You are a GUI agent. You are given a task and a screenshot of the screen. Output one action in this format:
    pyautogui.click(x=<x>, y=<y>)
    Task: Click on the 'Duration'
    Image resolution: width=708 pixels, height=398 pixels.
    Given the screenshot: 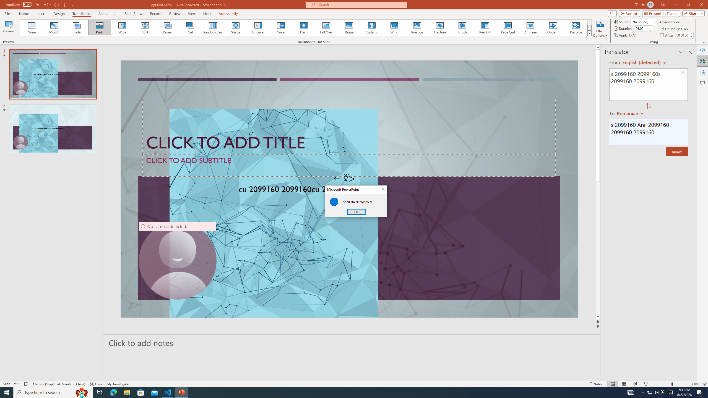 What is the action you would take?
    pyautogui.click(x=641, y=28)
    